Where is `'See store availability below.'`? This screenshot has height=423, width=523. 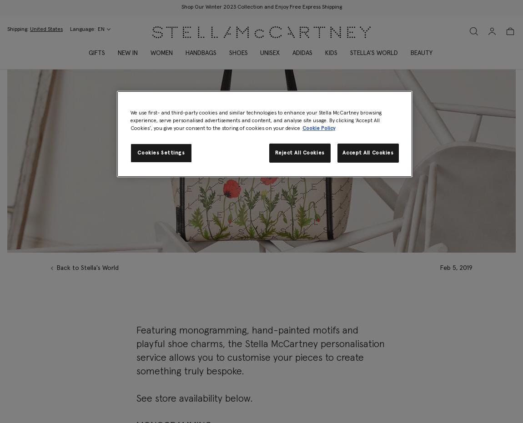 'See store availability below.' is located at coordinates (194, 399).